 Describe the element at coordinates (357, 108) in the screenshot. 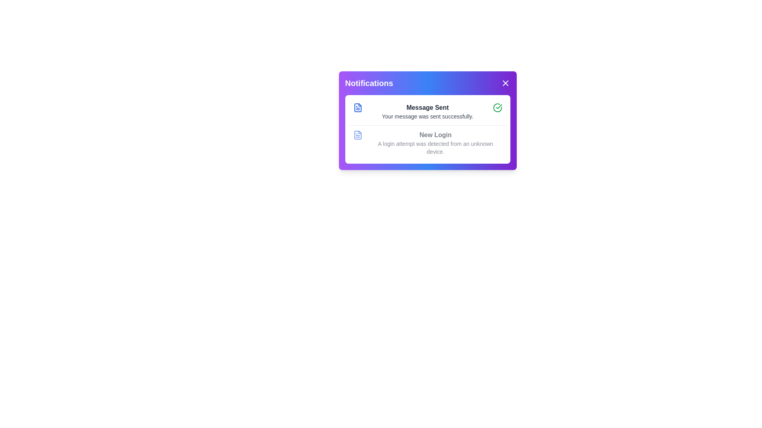

I see `the blue file icon located beside the text 'Message Sent' within the notification card` at that location.